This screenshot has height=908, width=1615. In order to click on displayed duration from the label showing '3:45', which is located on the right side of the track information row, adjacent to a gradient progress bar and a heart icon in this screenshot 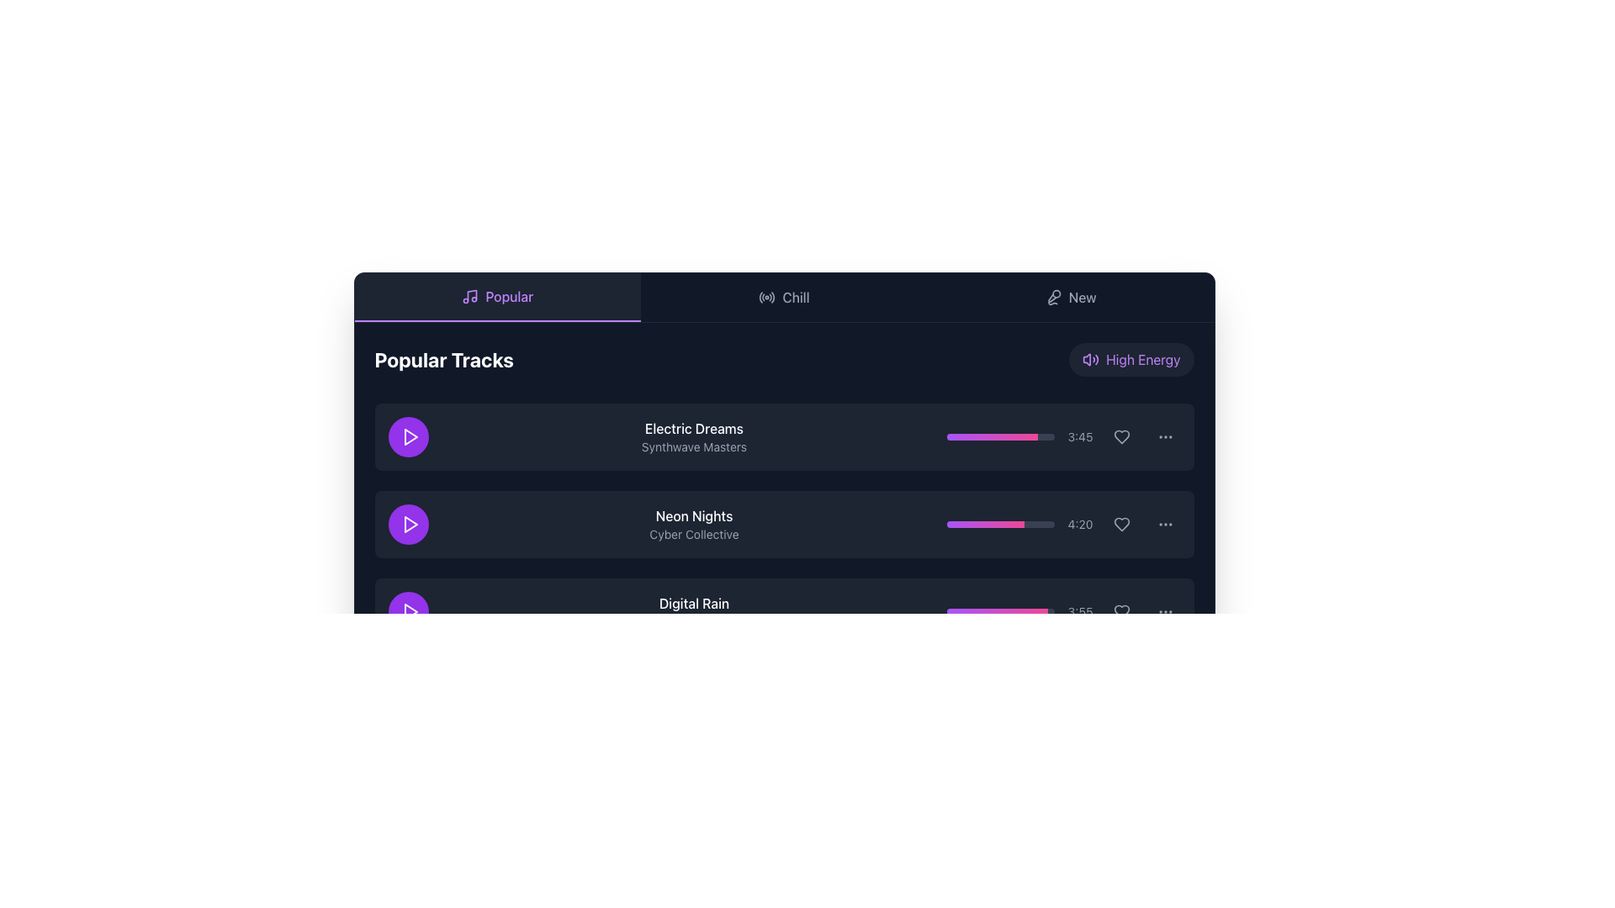, I will do `click(1062, 436)`.